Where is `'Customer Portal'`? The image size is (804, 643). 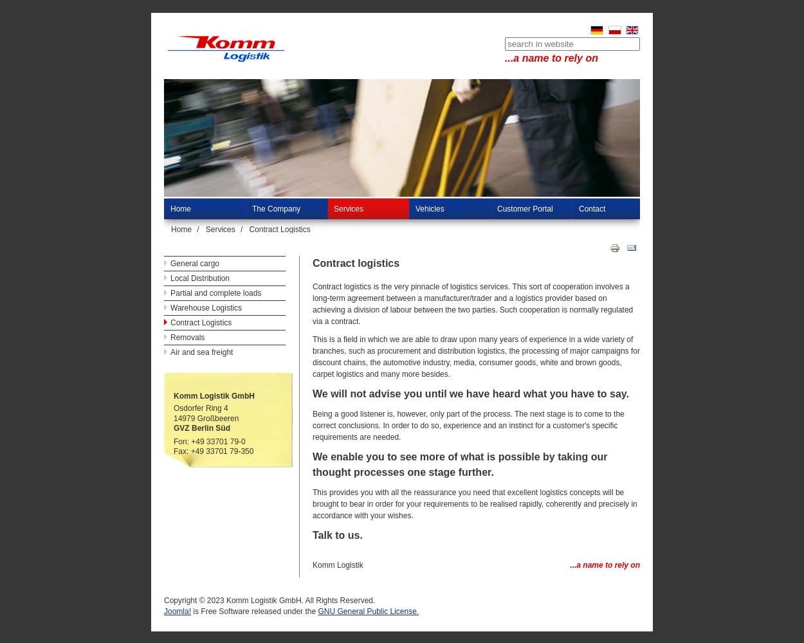 'Customer Portal' is located at coordinates (524, 208).